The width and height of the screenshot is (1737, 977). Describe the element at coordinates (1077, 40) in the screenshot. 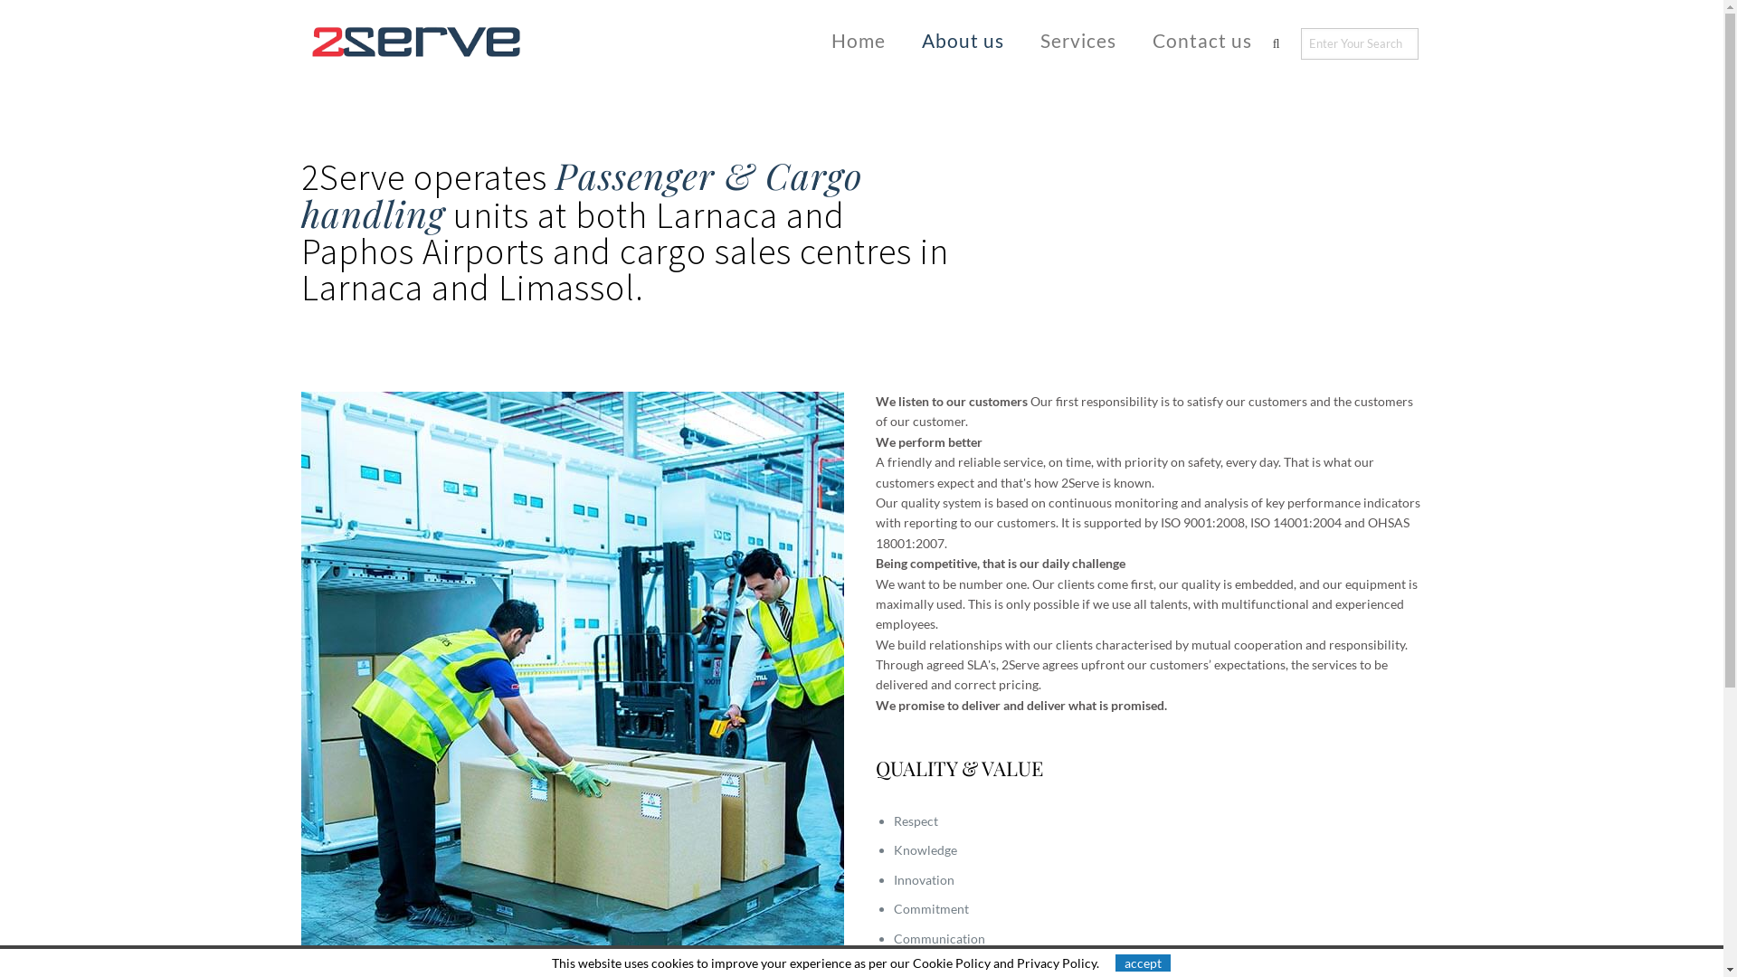

I see `'Services'` at that location.